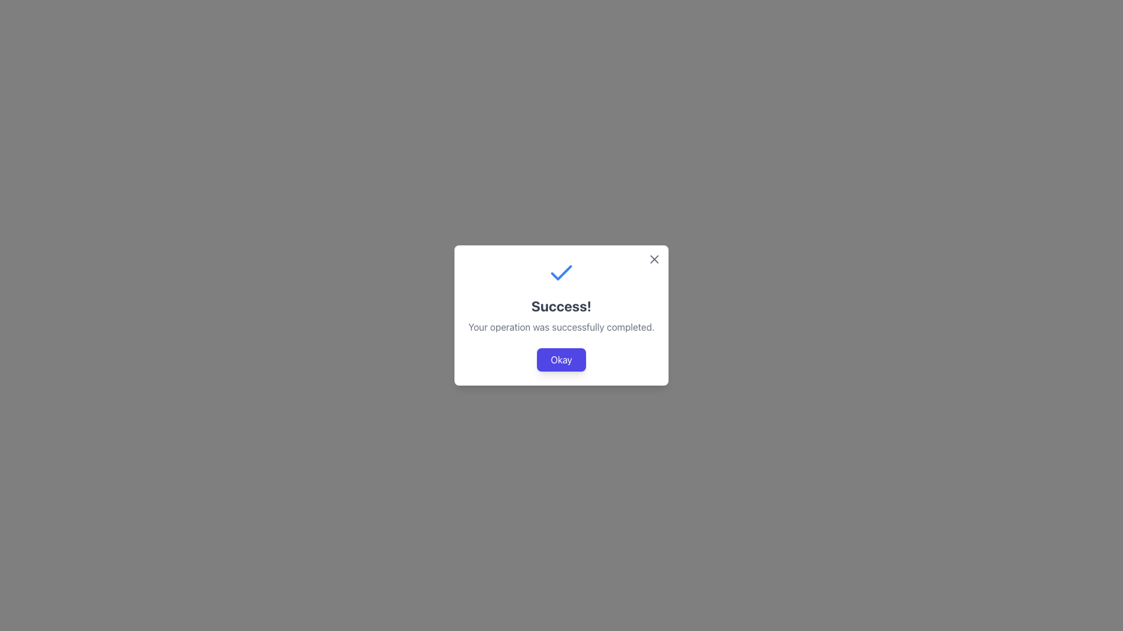 The image size is (1123, 631). I want to click on the vibrant blue checkmark icon located at the center-top of the modal dialog box, so click(561, 273).